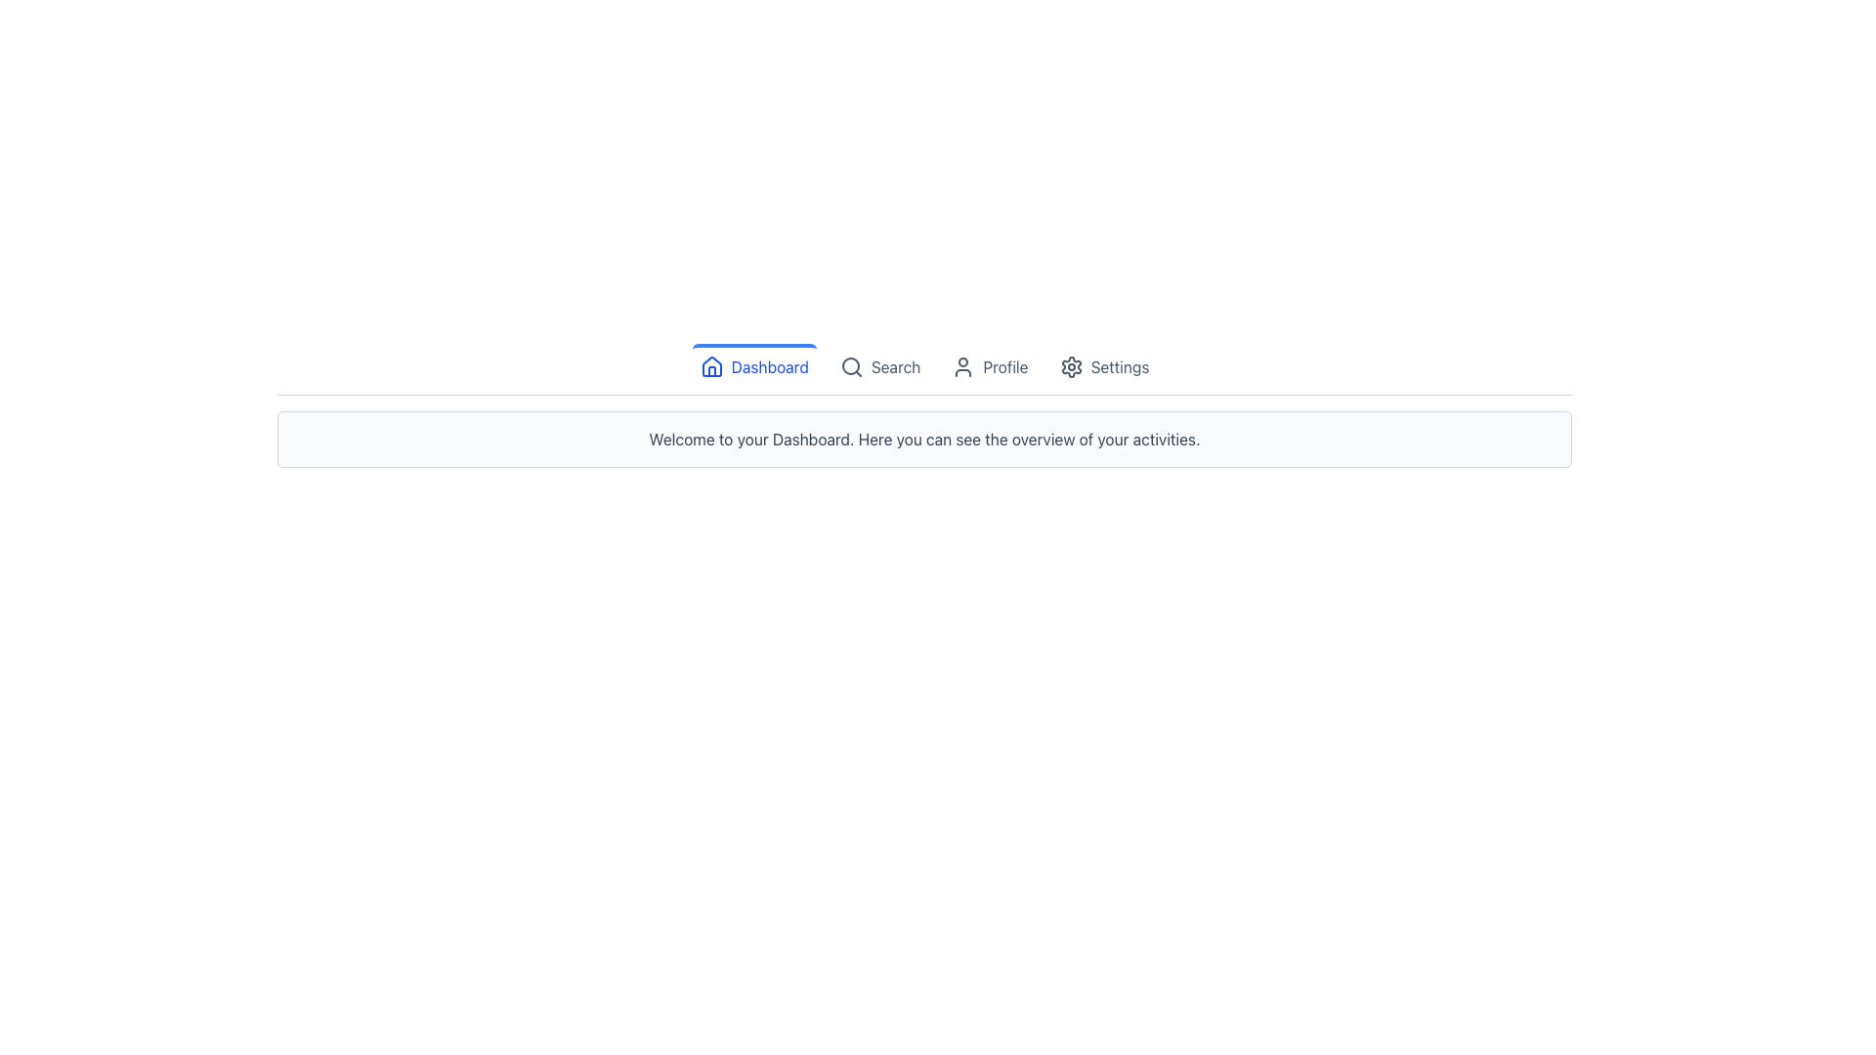 The width and height of the screenshot is (1876, 1055). I want to click on the settings icon located in the navigation bar, adjacent to the 'Settings' text, so click(1070, 366).